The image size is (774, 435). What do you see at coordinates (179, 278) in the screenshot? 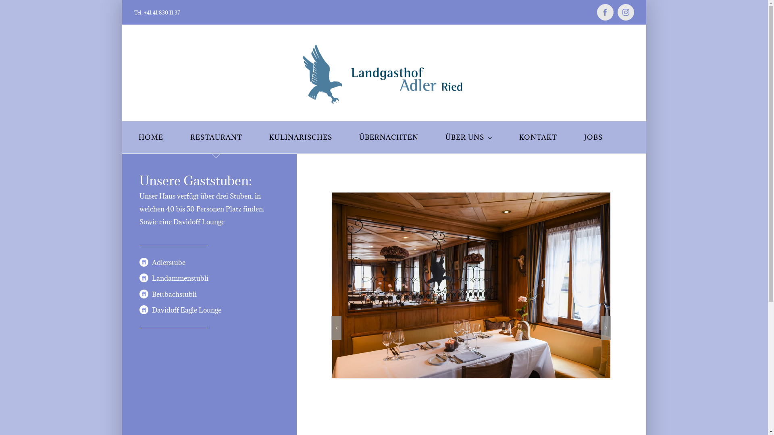
I see `'Landammenstubli'` at bounding box center [179, 278].